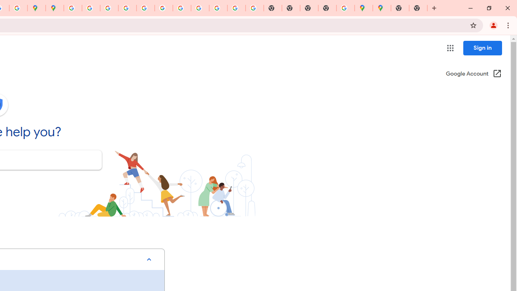 The height and width of the screenshot is (291, 517). I want to click on 'Google Maps', so click(381, 8).